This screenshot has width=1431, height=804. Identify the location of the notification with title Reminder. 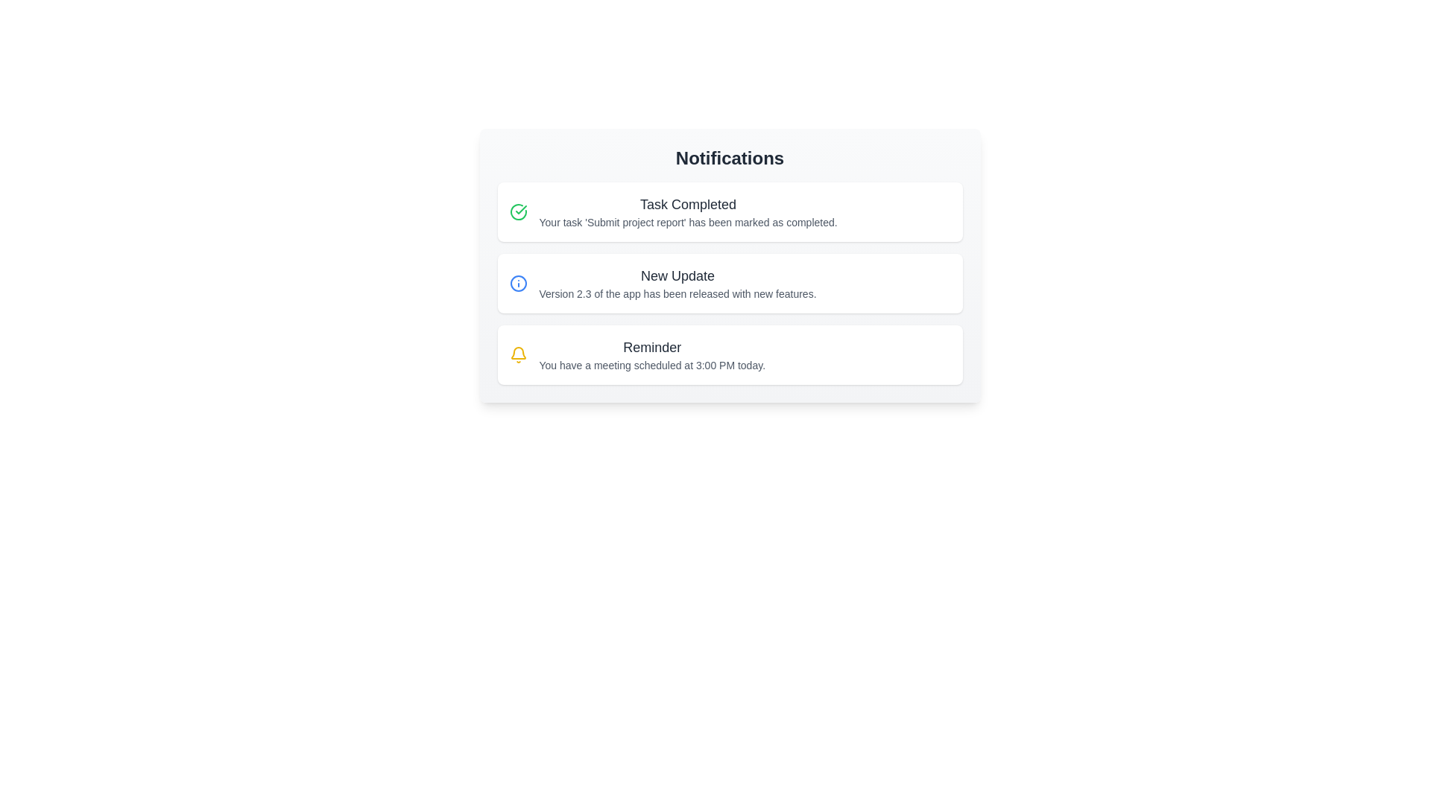
(730, 355).